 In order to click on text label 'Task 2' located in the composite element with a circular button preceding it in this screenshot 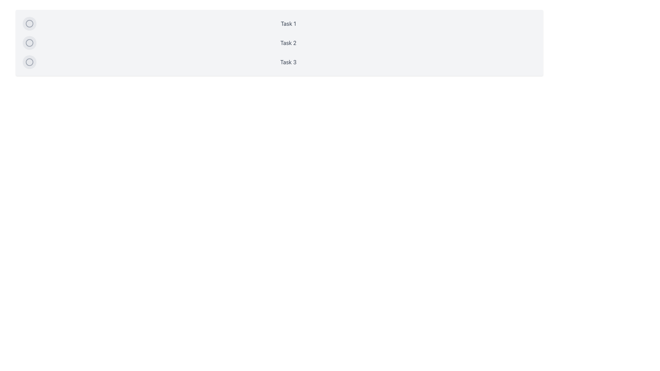, I will do `click(279, 43)`.